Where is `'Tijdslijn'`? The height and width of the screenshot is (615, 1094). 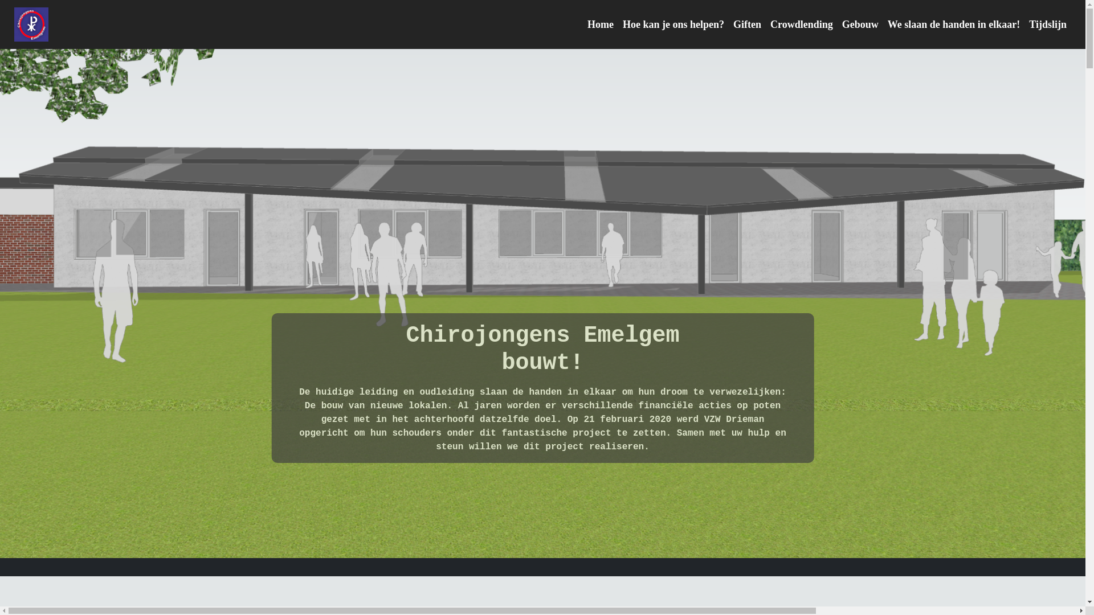 'Tijdslijn' is located at coordinates (1024, 24).